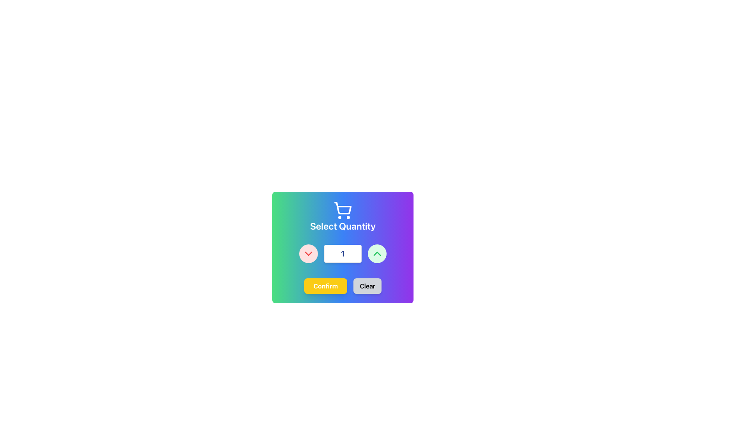  What do you see at coordinates (308, 254) in the screenshot?
I see `the circular decrement button with a light red background and darker red chevron, located on the left side of the numeric input field displaying '1'` at bounding box center [308, 254].